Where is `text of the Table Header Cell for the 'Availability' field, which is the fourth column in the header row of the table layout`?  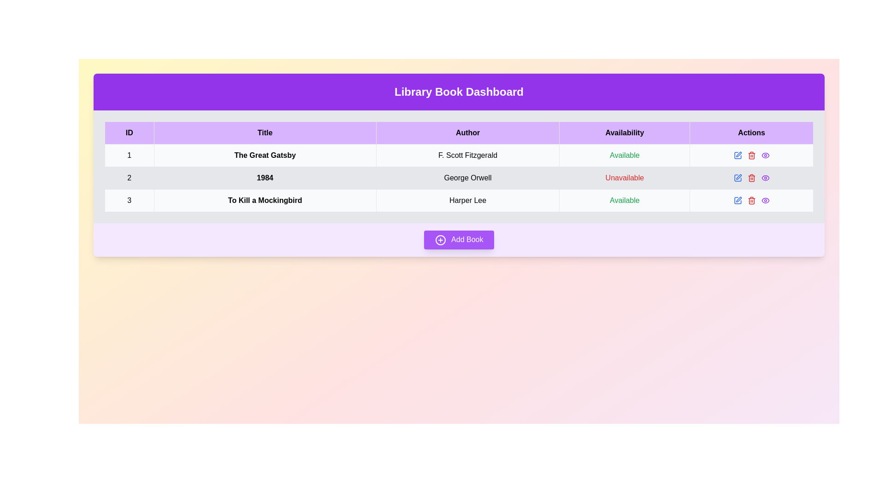
text of the Table Header Cell for the 'Availability' field, which is the fourth column in the header row of the table layout is located at coordinates (625, 133).